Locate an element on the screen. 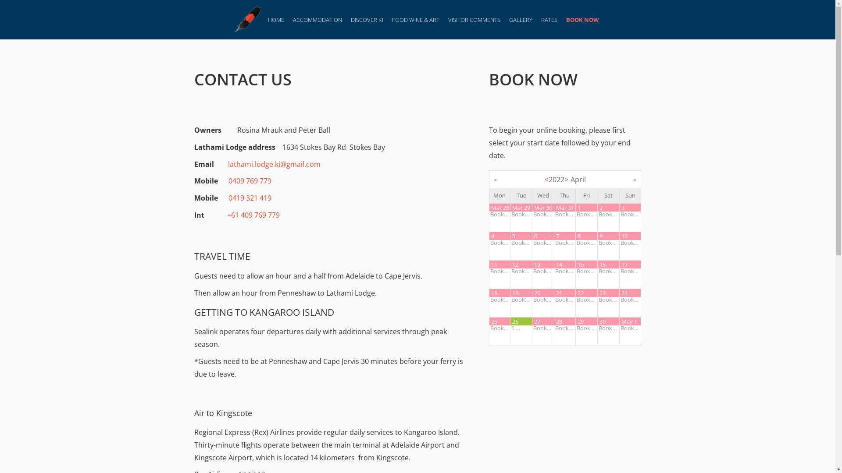 Image resolution: width=842 pixels, height=473 pixels. 'RATES' is located at coordinates (549, 20).